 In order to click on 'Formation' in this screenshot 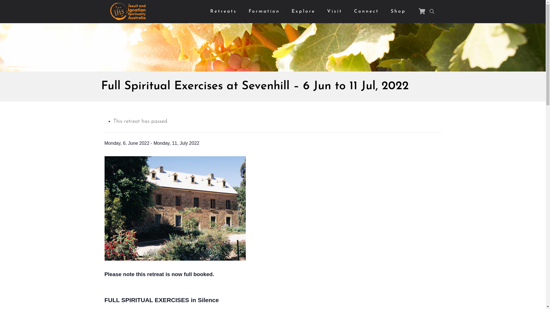, I will do `click(264, 11)`.